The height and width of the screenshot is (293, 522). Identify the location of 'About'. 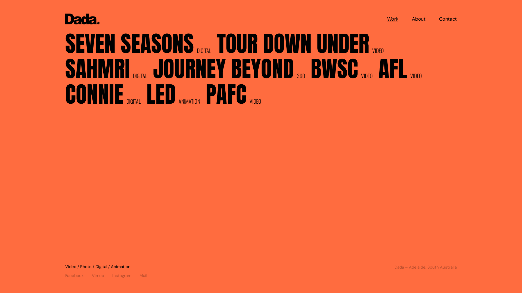
(412, 18).